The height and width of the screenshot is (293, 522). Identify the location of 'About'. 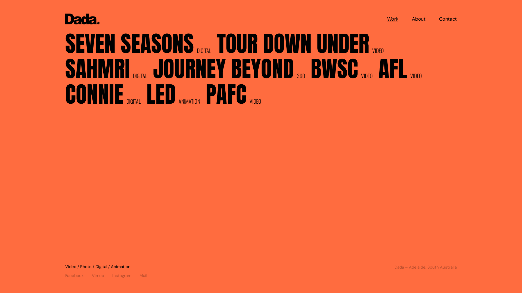
(412, 18).